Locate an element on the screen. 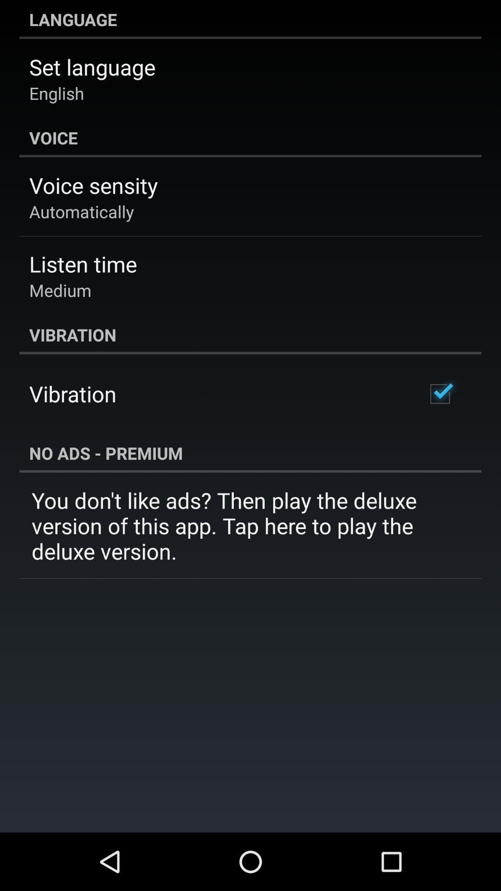 Image resolution: width=501 pixels, height=891 pixels. the you don t app is located at coordinates (250, 525).